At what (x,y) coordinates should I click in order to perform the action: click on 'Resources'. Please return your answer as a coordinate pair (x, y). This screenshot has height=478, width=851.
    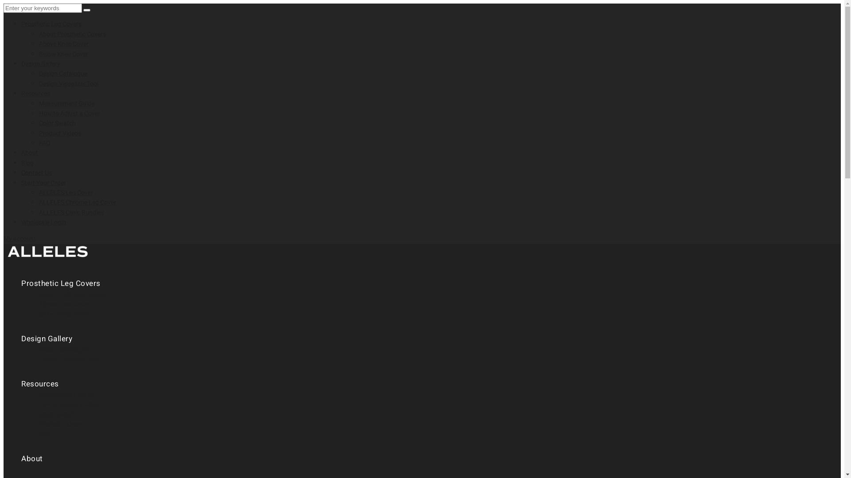
    Looking at the image, I should click on (35, 93).